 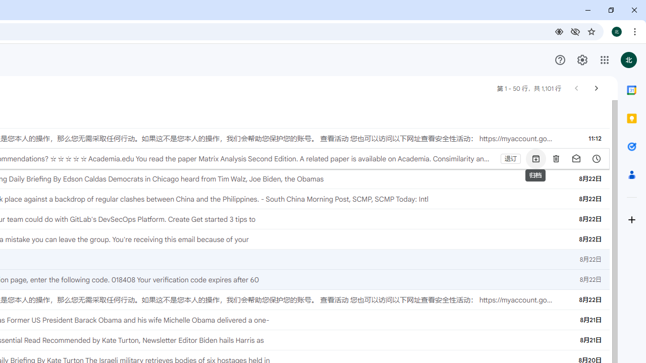 What do you see at coordinates (558, 31) in the screenshot?
I see `'page wants to install a service handler.'` at bounding box center [558, 31].